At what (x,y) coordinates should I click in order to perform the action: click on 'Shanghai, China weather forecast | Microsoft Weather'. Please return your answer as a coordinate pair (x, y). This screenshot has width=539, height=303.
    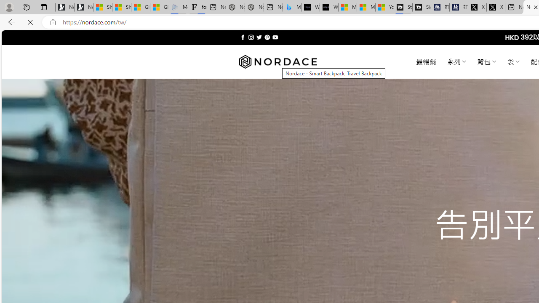
    Looking at the image, I should click on (121, 7).